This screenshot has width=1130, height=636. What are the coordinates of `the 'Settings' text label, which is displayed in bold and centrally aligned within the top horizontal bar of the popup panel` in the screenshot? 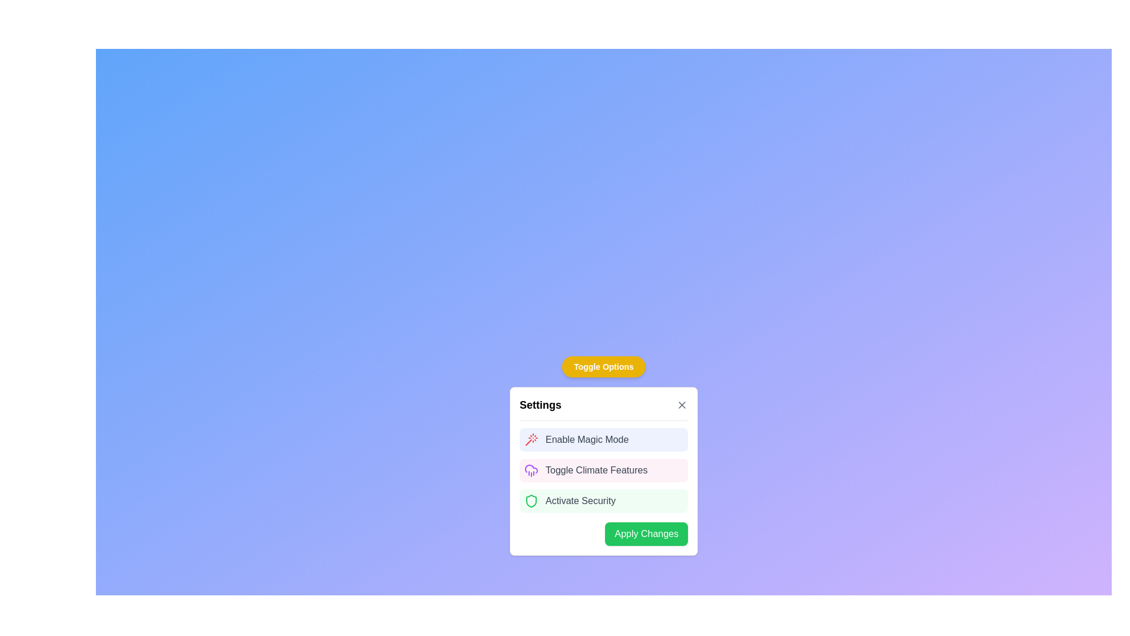 It's located at (540, 404).